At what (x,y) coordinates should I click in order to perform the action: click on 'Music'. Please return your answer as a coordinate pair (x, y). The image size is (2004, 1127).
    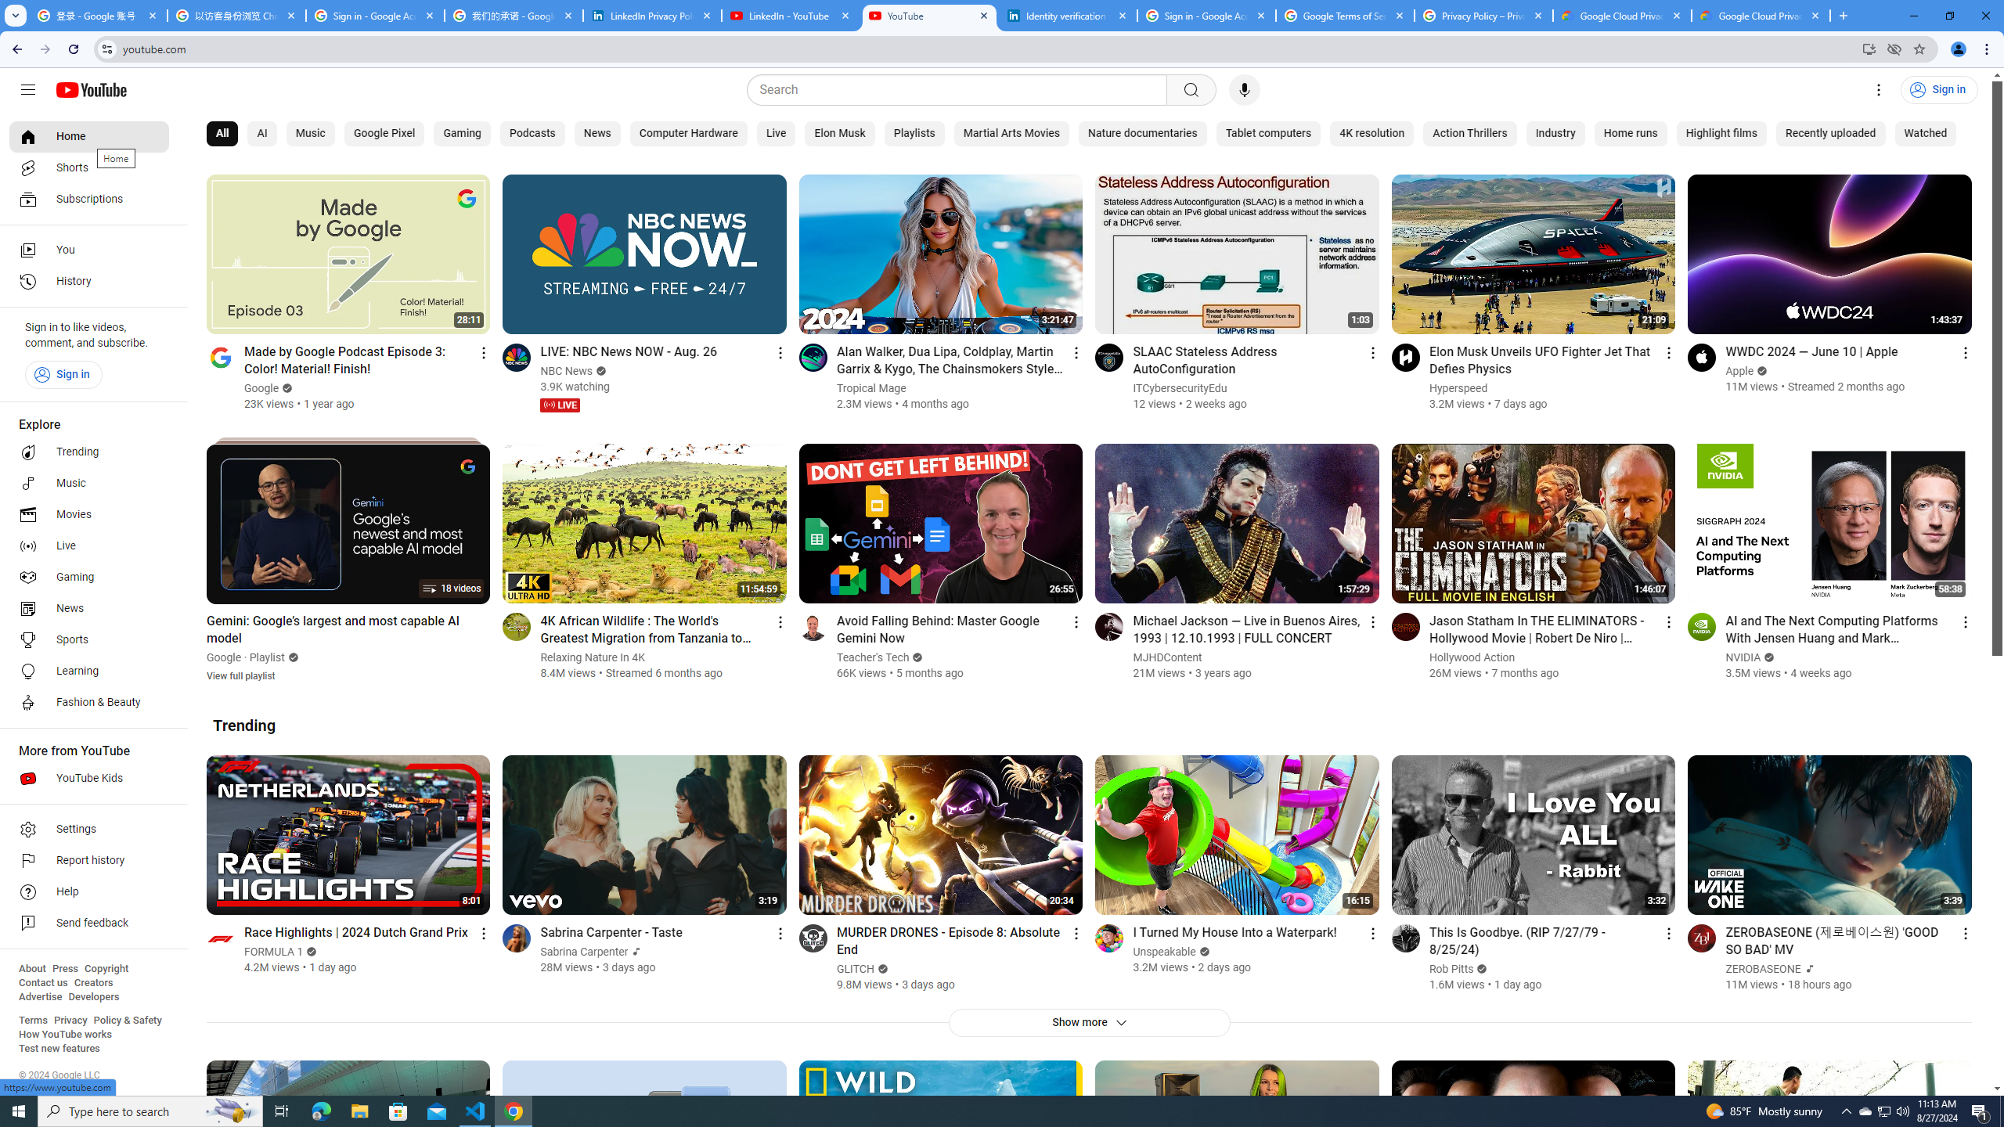
    Looking at the image, I should click on (309, 134).